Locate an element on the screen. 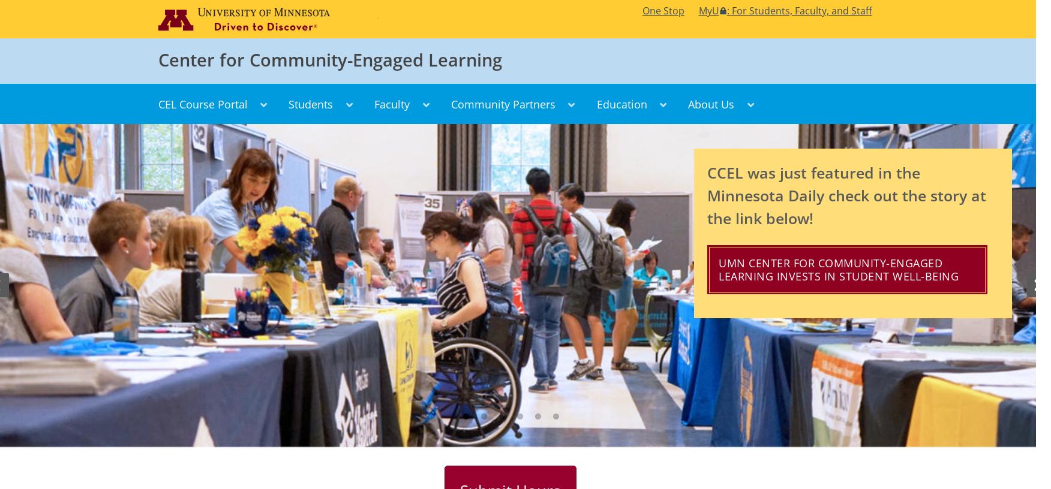 This screenshot has height=489, width=1051. 'CEL Course Portal' is located at coordinates (202, 103).